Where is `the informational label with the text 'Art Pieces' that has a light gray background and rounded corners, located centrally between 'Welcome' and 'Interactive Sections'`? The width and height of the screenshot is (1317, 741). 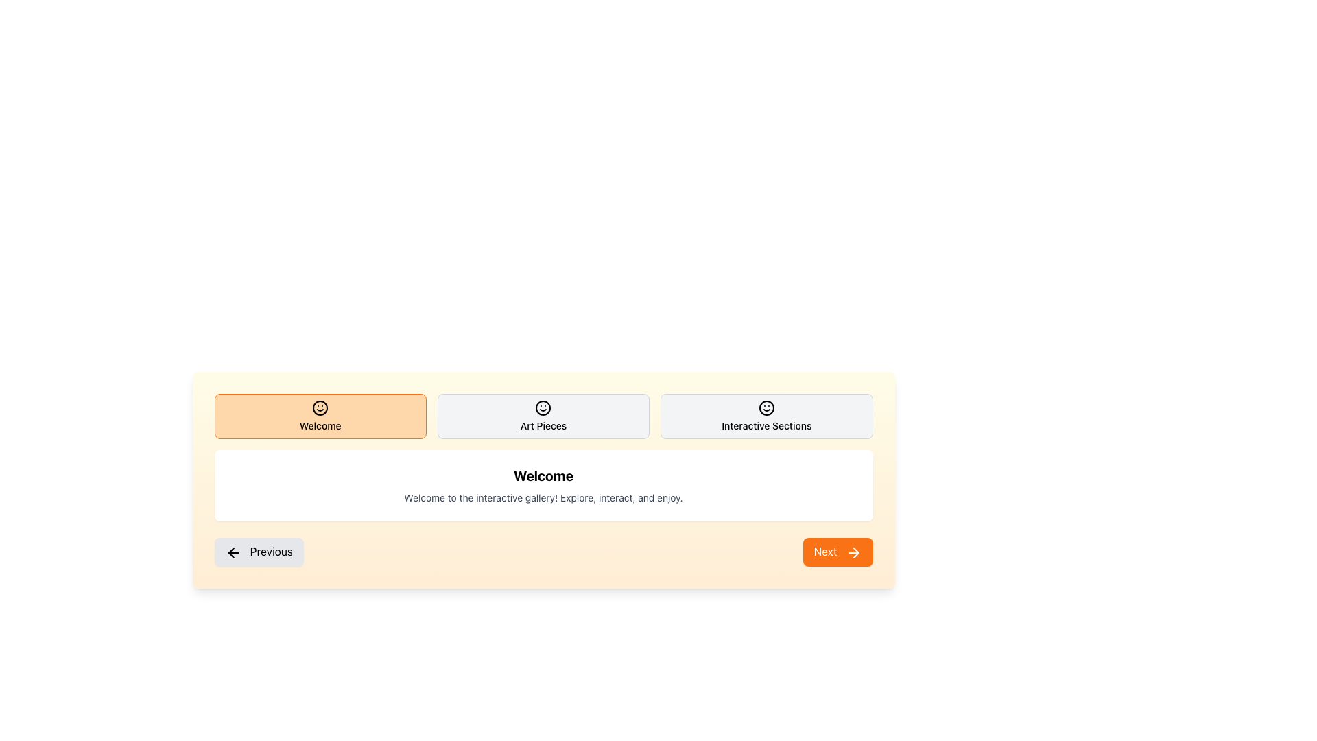
the informational label with the text 'Art Pieces' that has a light gray background and rounded corners, located centrally between 'Welcome' and 'Interactive Sections' is located at coordinates (543, 415).